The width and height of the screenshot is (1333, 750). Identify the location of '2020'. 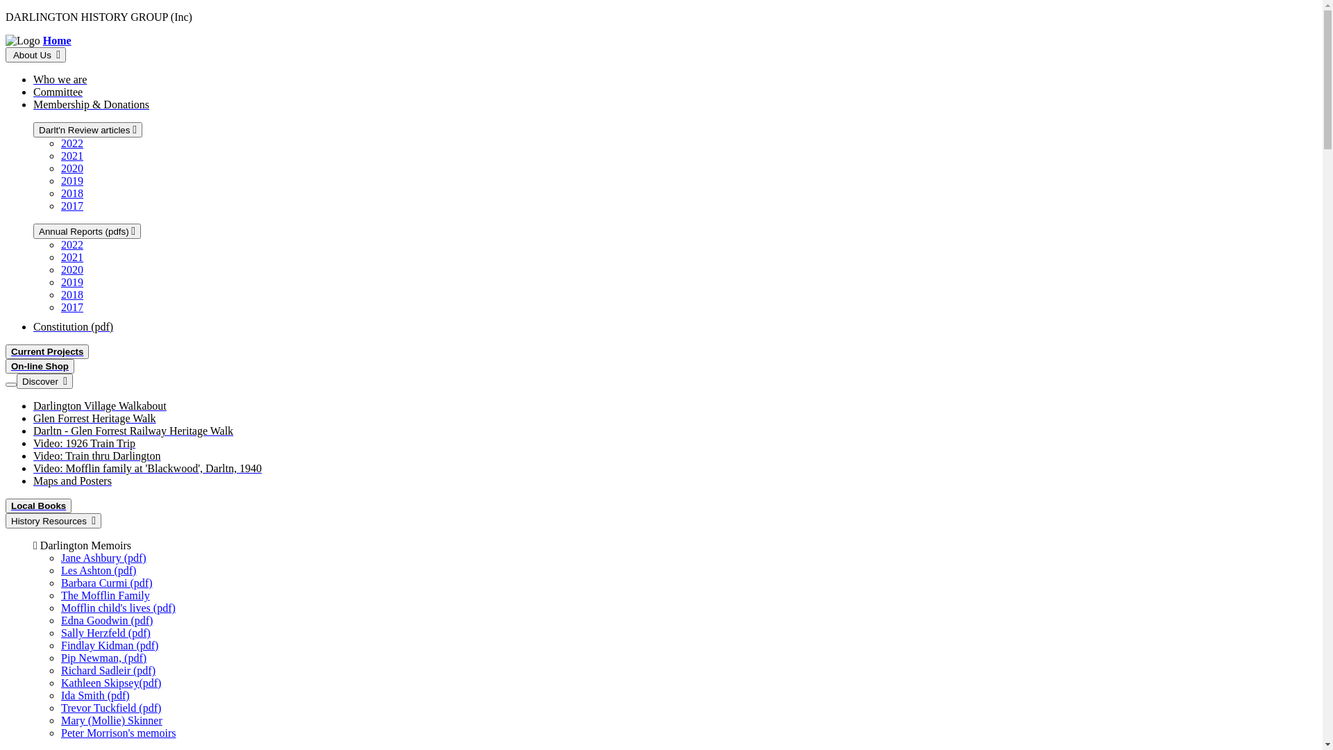
(72, 269).